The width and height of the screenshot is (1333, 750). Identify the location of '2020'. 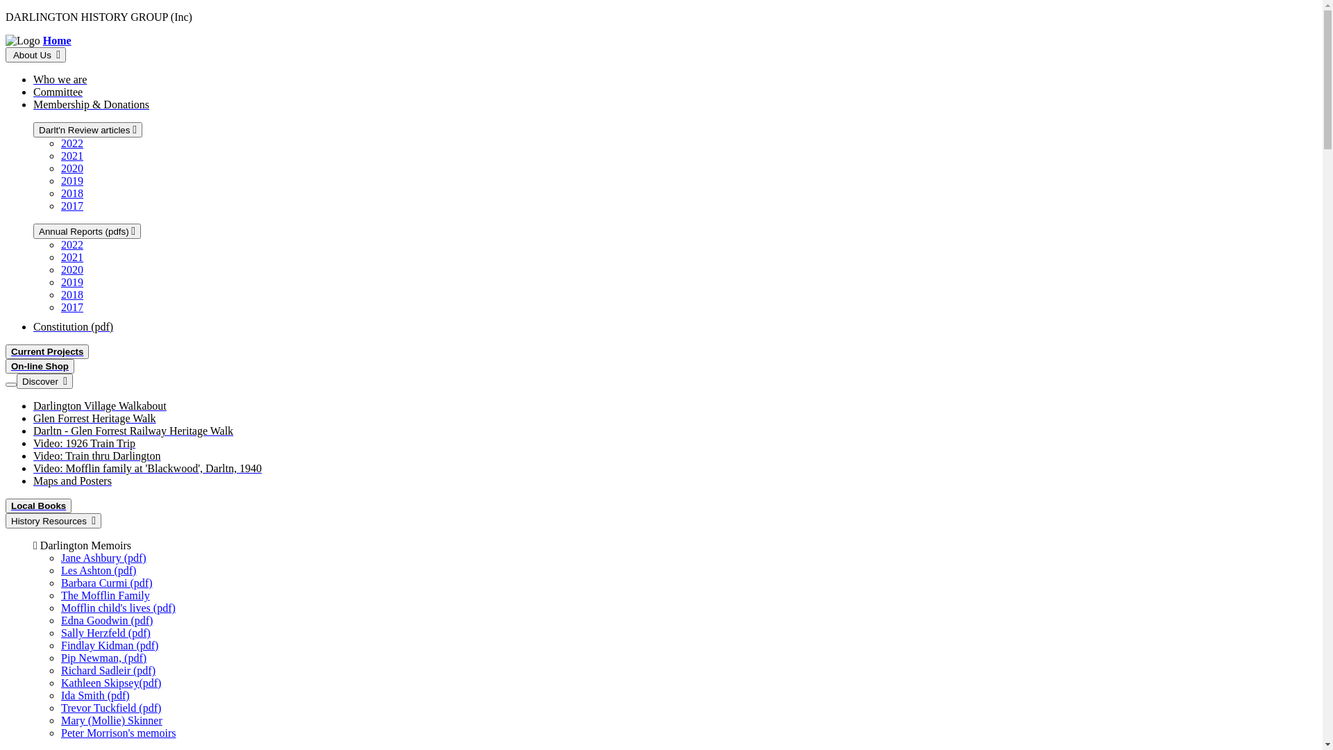
(72, 269).